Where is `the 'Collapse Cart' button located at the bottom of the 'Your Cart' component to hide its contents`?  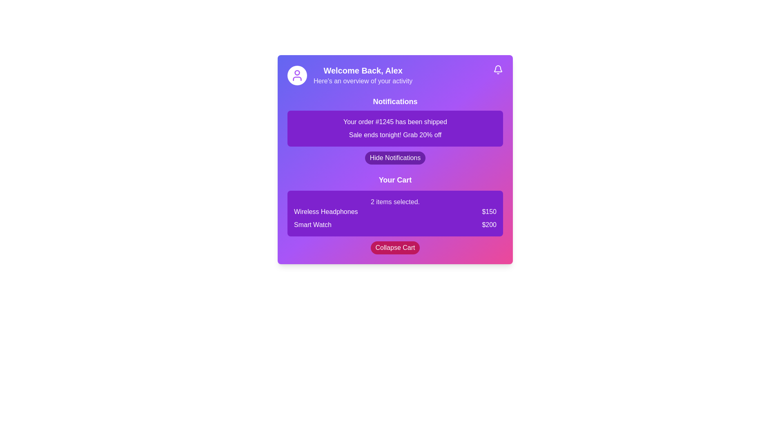
the 'Collapse Cart' button located at the bottom of the 'Your Cart' component to hide its contents is located at coordinates (395, 247).